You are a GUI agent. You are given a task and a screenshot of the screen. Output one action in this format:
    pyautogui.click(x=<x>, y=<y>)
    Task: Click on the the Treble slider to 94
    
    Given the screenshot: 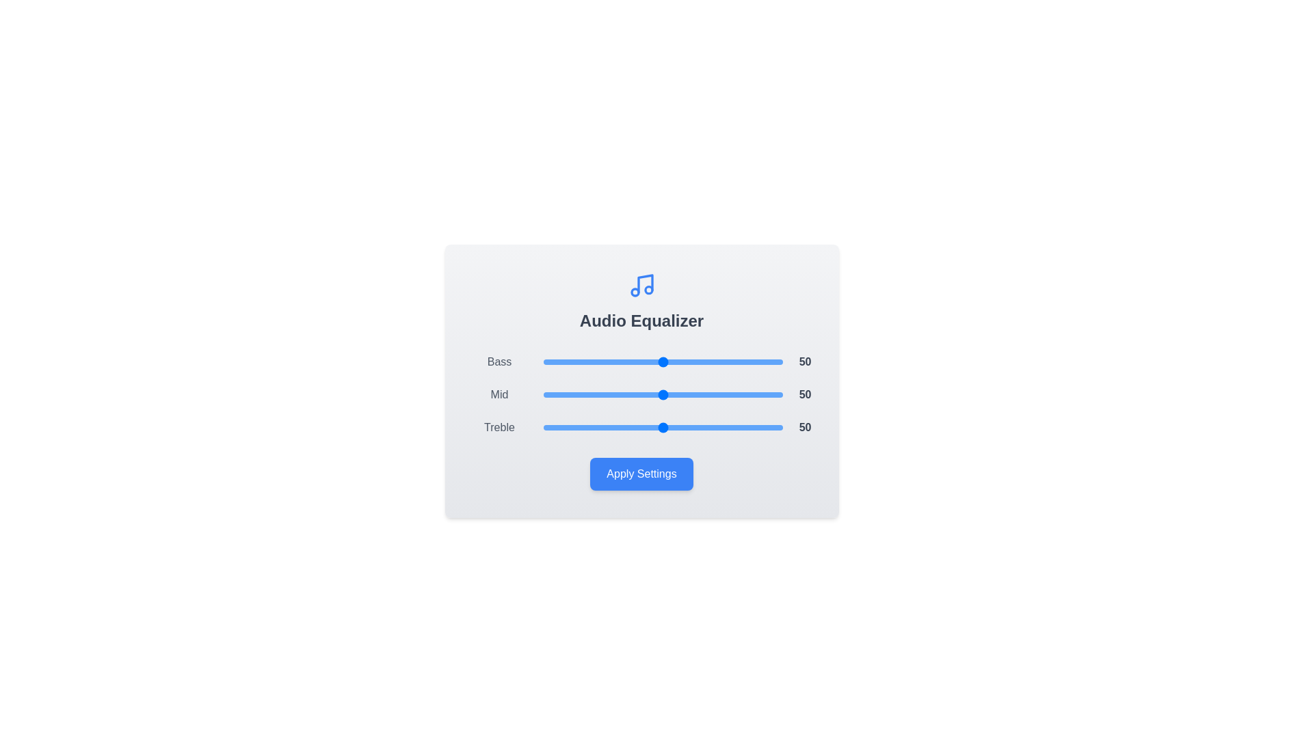 What is the action you would take?
    pyautogui.click(x=768, y=426)
    